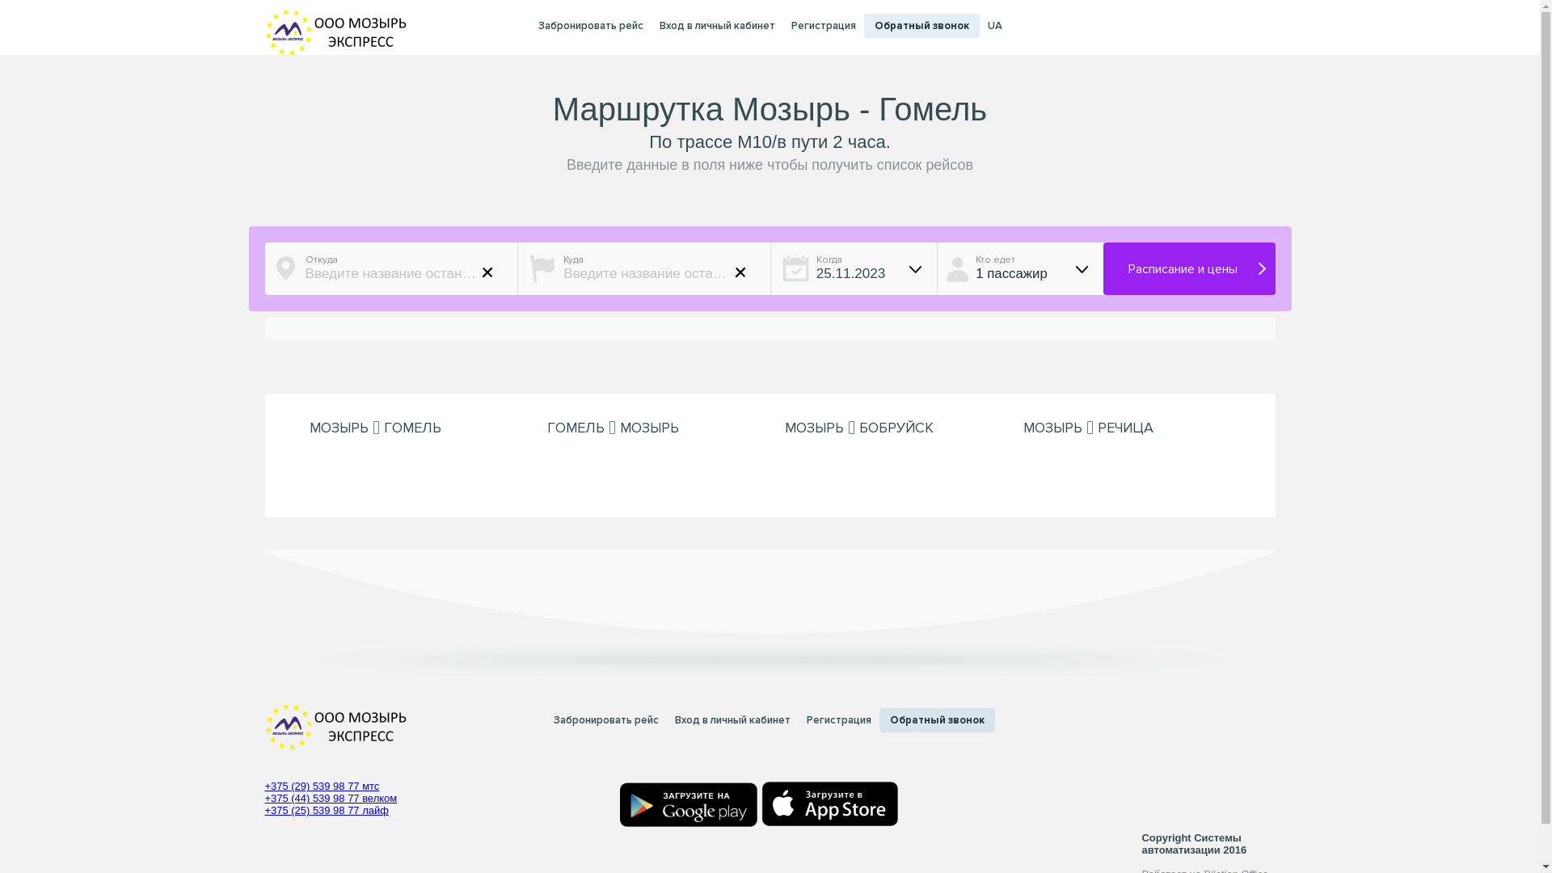  I want to click on 'UA', so click(987, 26).